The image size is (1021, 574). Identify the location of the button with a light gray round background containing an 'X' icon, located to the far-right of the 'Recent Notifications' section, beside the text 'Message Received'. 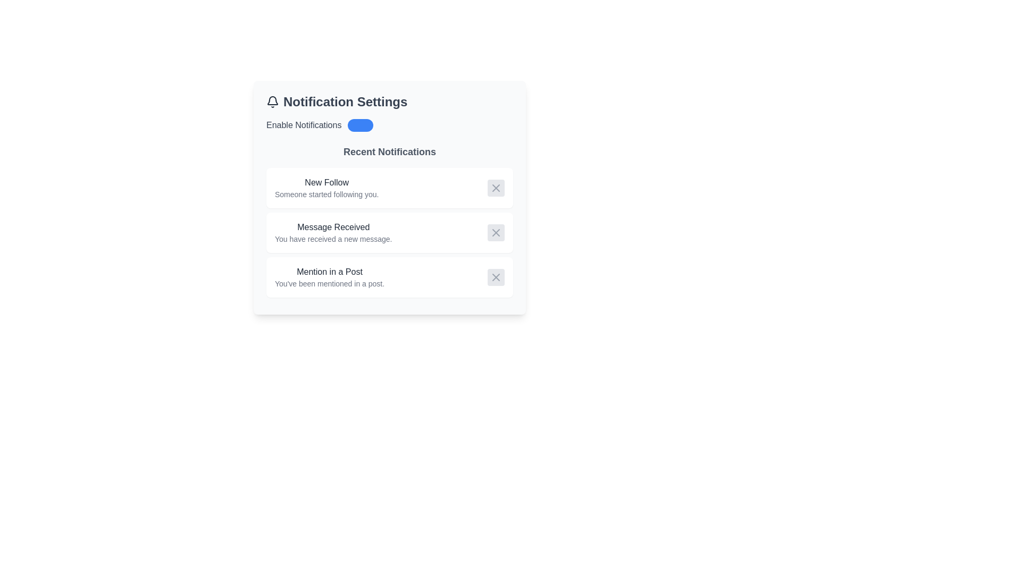
(495, 232).